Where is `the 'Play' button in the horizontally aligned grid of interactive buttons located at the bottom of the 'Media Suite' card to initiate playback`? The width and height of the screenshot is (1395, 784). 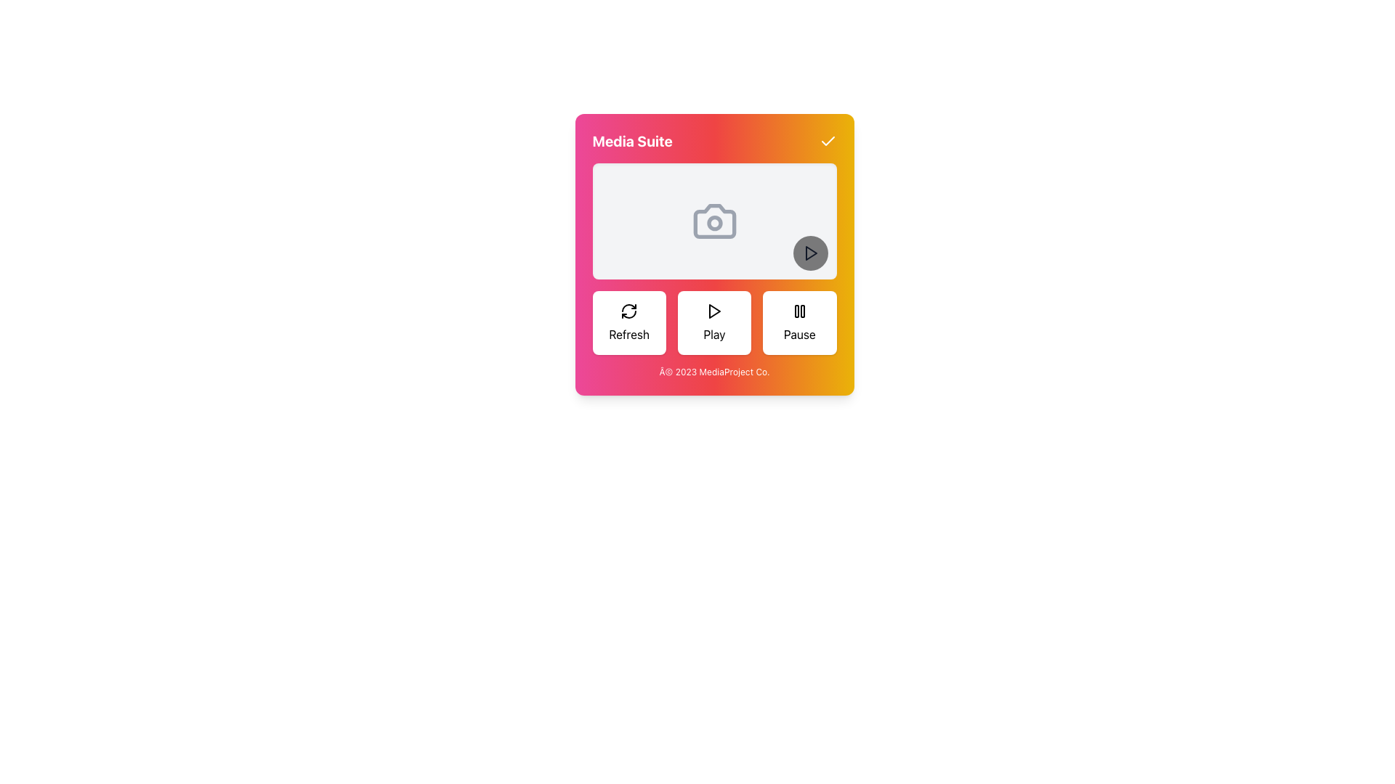
the 'Play' button in the horizontally aligned grid of interactive buttons located at the bottom of the 'Media Suite' card to initiate playback is located at coordinates (714, 322).